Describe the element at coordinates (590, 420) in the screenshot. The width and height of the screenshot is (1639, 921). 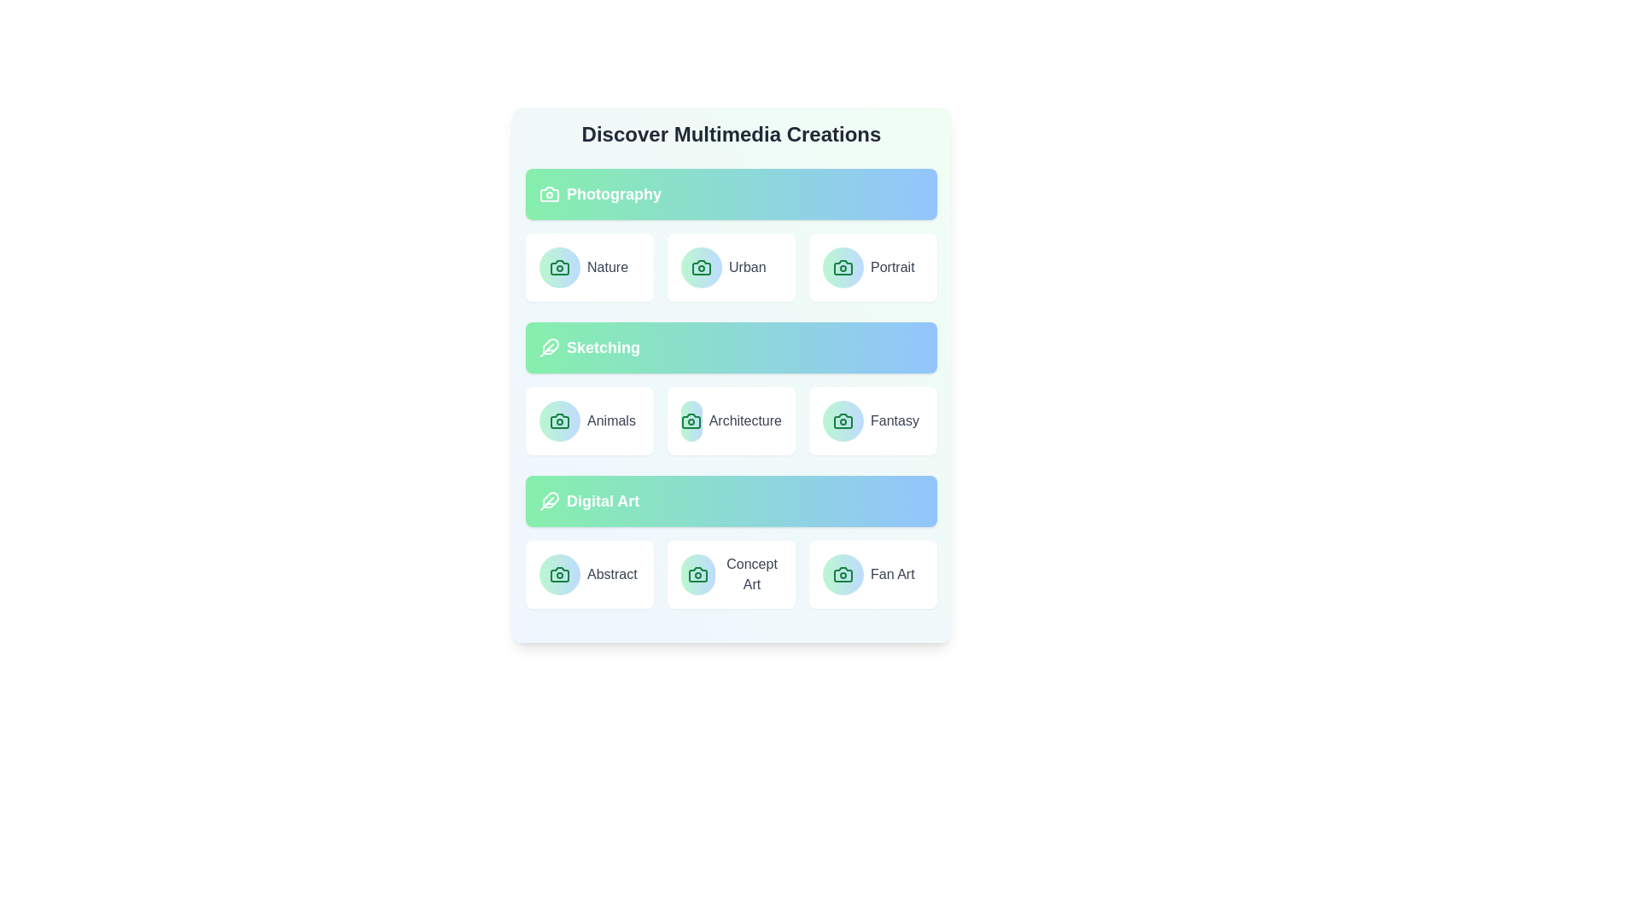
I see `the item labeled Animals` at that location.